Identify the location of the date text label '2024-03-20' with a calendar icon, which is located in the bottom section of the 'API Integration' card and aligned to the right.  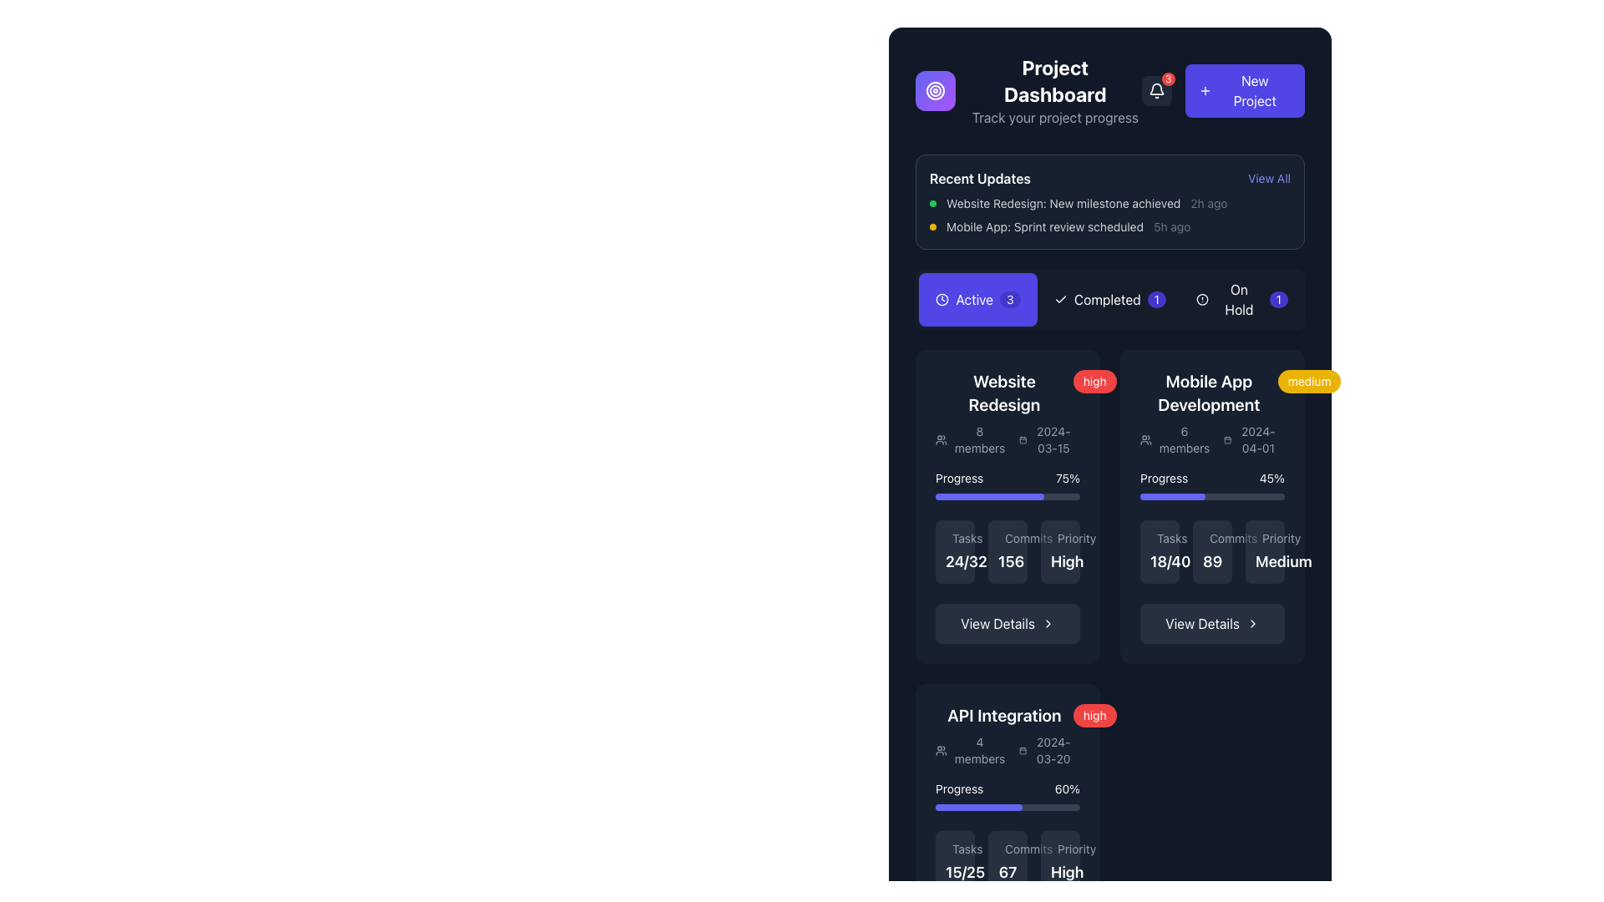
(1045, 749).